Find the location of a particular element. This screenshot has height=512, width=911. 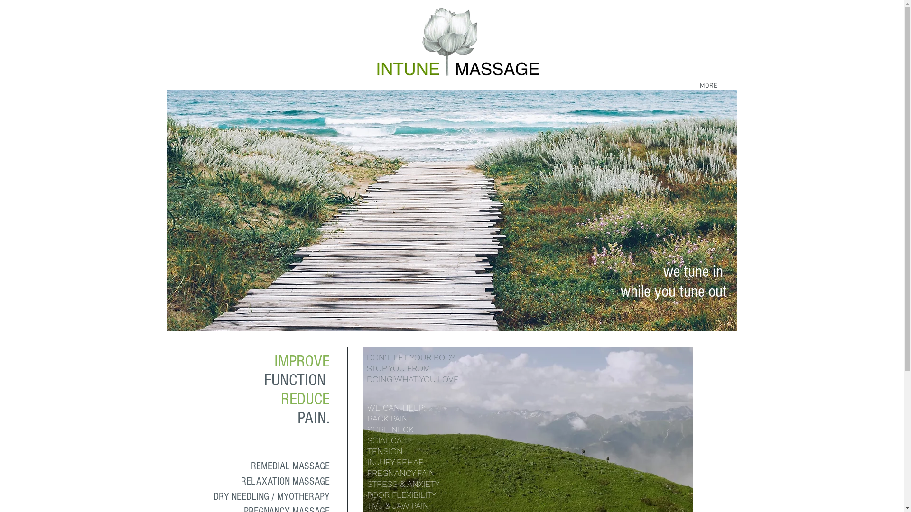

'DON'T LET YOUR BODY ' is located at coordinates (411, 357).